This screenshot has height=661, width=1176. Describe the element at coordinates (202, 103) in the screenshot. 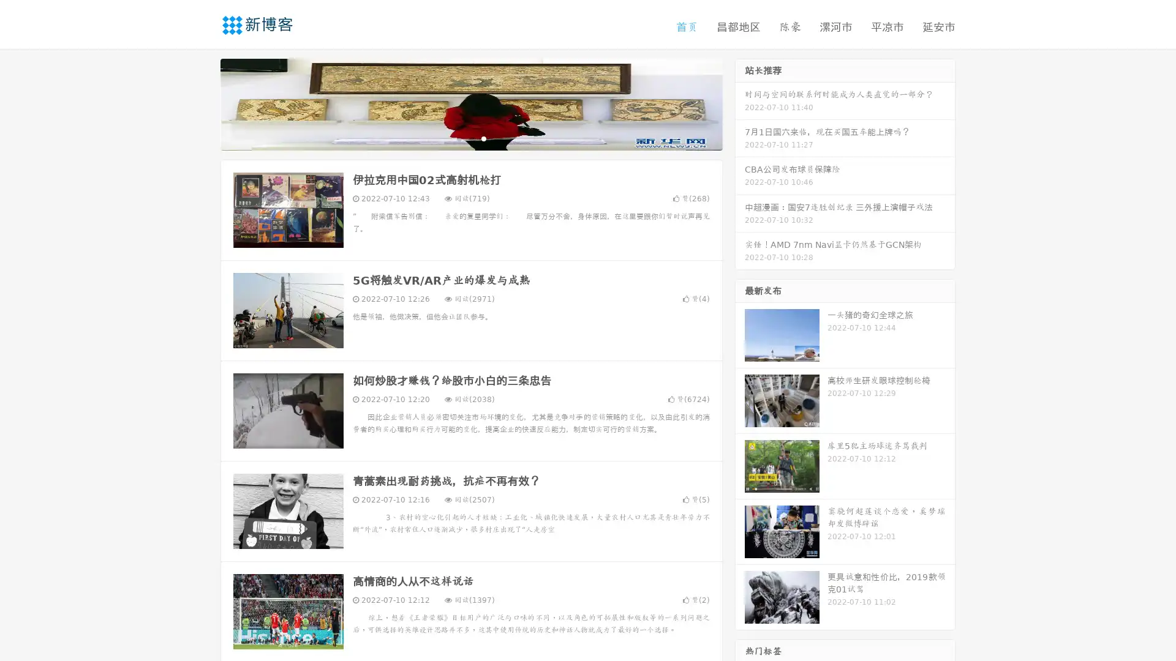

I see `Previous slide` at that location.